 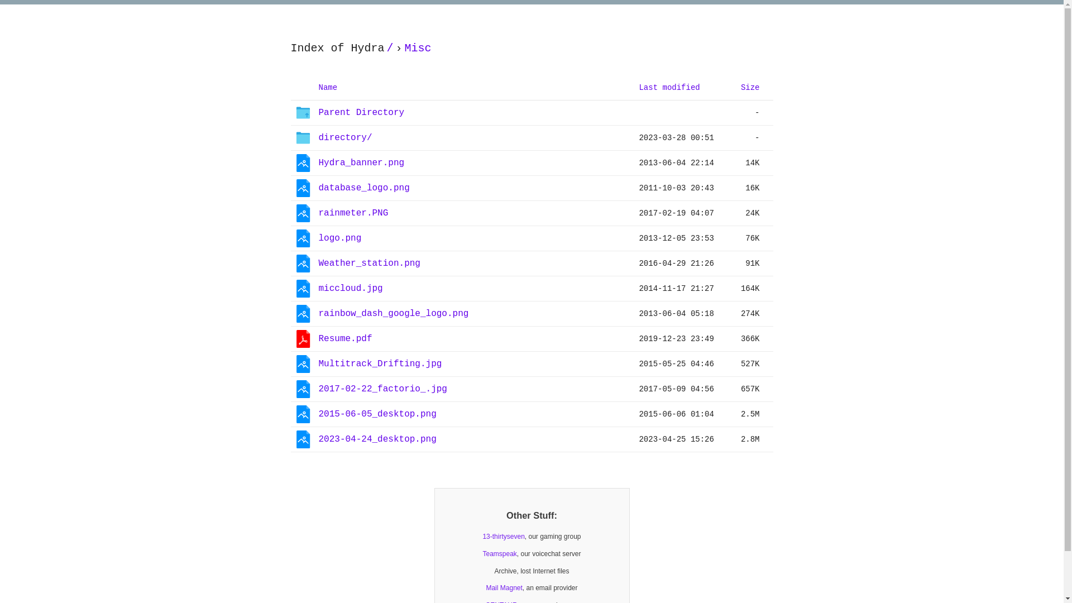 I want to click on 'Name', so click(x=327, y=87).